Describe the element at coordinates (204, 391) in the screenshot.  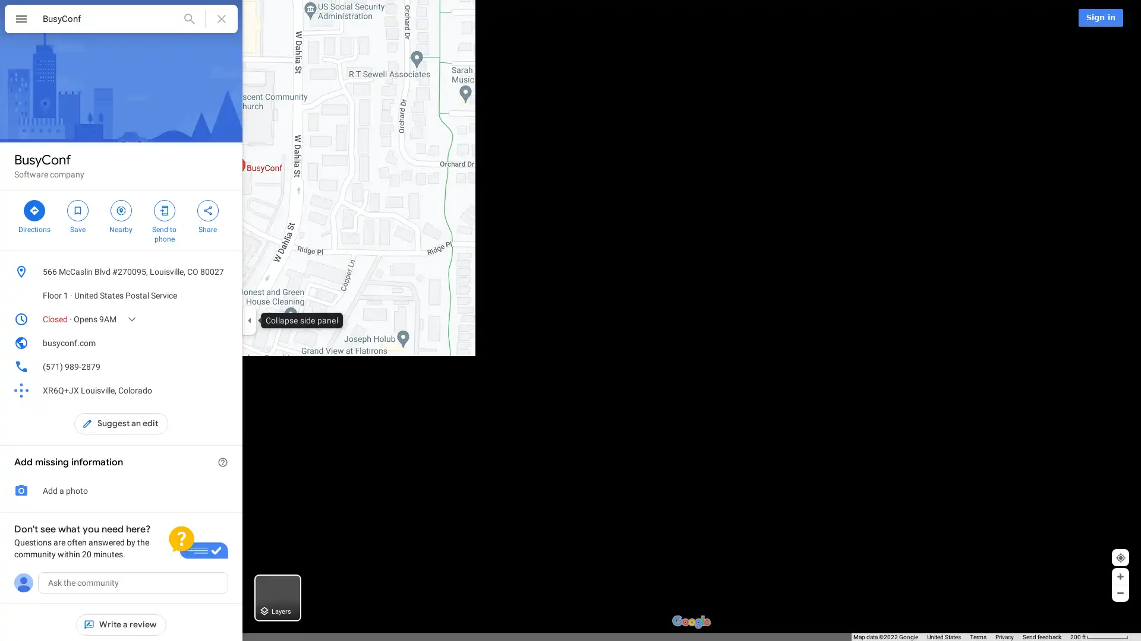
I see `Copy plus code` at that location.